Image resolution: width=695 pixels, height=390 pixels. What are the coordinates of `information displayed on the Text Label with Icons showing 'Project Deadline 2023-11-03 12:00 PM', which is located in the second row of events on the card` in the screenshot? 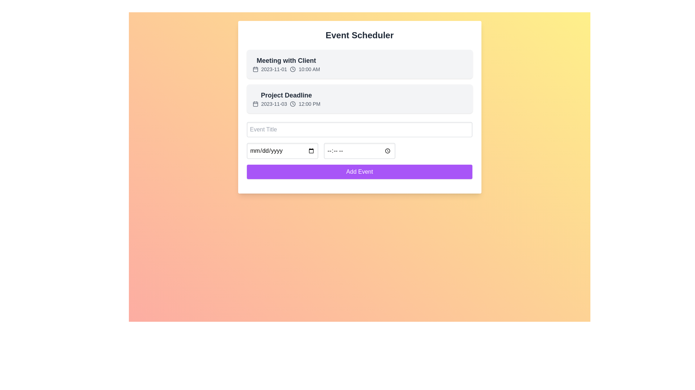 It's located at (286, 99).